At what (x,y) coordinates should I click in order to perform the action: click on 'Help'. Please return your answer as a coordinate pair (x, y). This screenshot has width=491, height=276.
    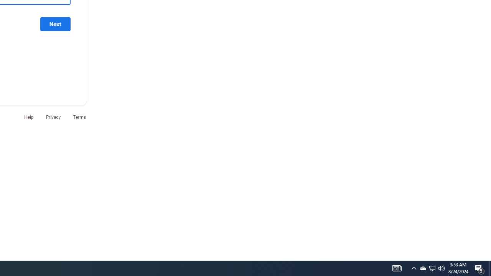
    Looking at the image, I should click on (28, 117).